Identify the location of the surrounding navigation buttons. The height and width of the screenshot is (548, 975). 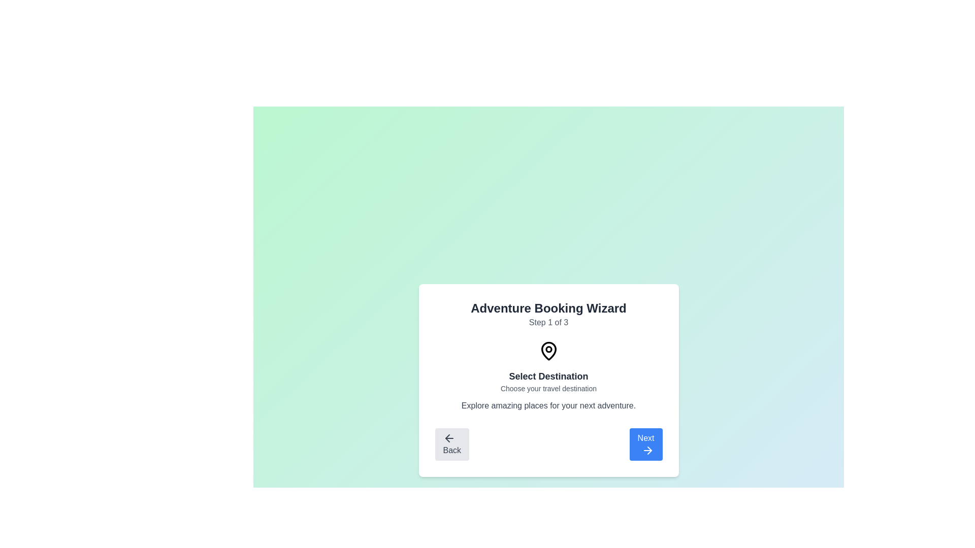
(548, 376).